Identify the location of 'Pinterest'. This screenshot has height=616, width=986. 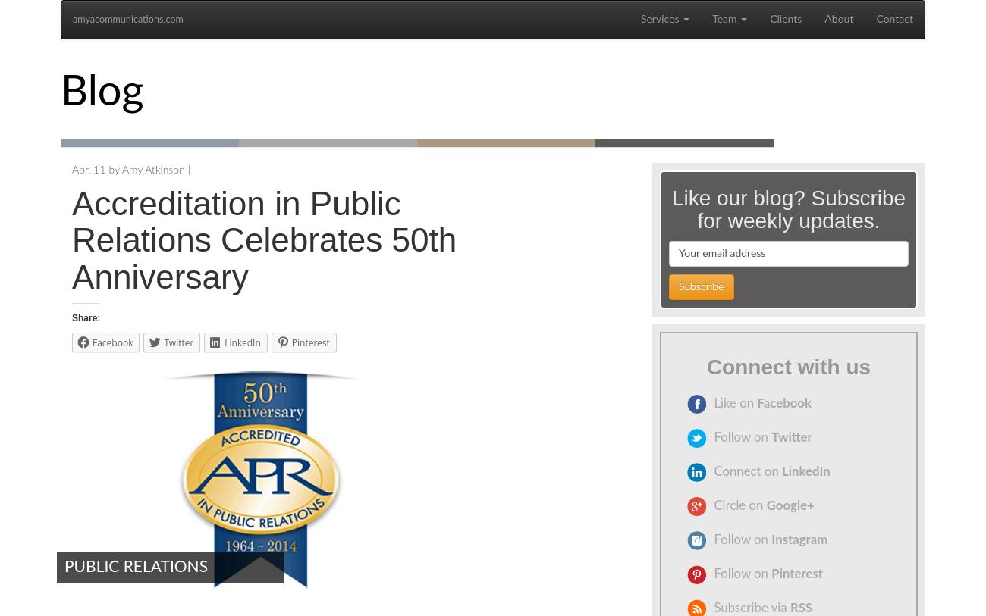
(797, 574).